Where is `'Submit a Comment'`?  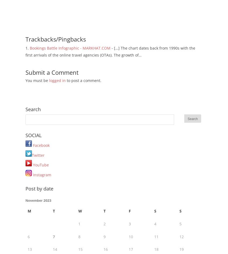 'Submit a Comment' is located at coordinates (52, 72).